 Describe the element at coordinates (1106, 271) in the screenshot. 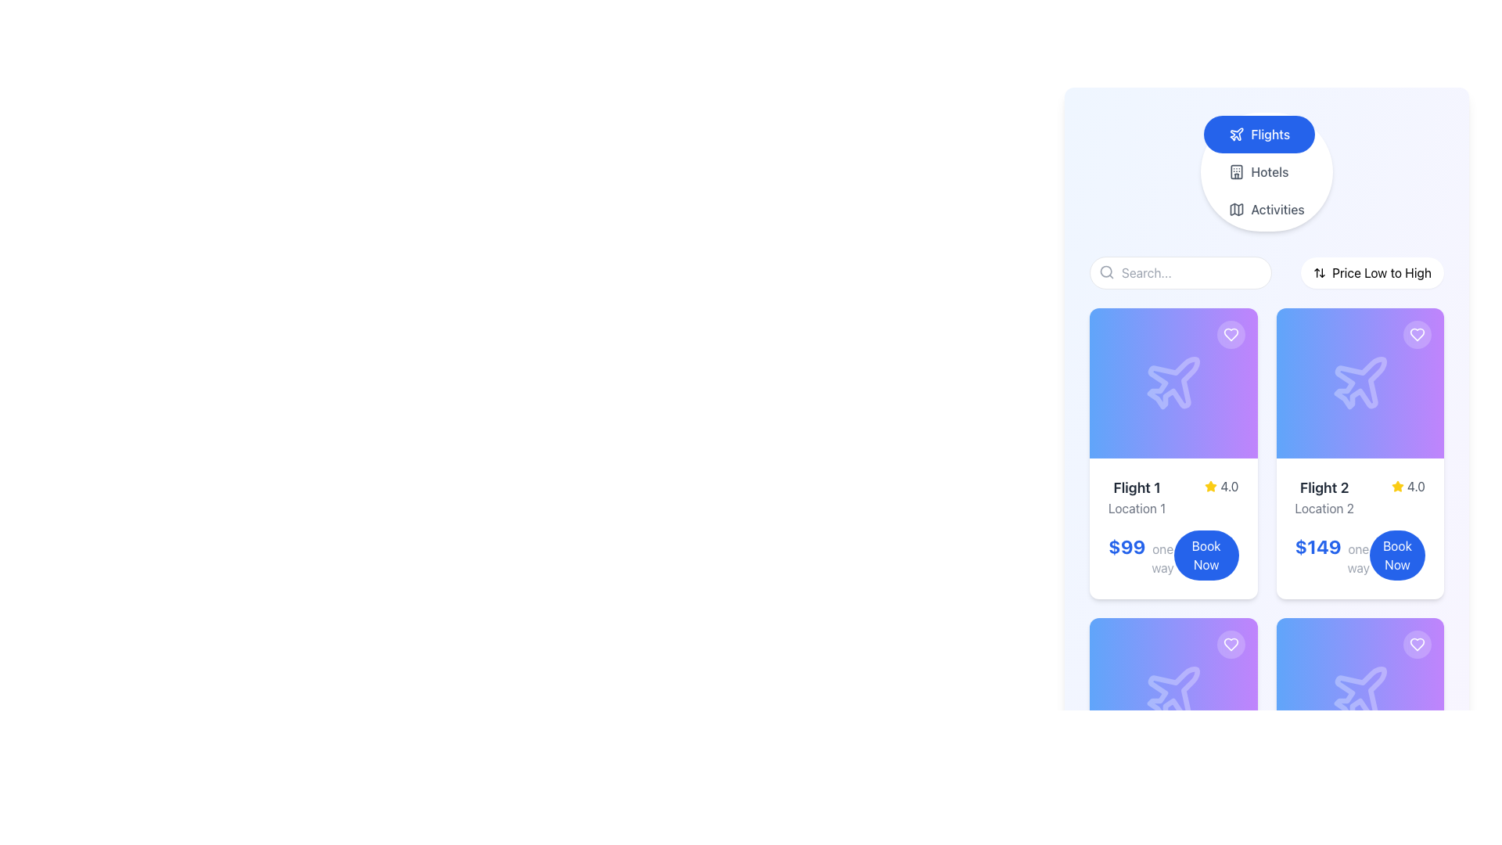

I see `the search icon resembling a magnifying glass, which is gray and positioned to the left of the search text input field` at that location.